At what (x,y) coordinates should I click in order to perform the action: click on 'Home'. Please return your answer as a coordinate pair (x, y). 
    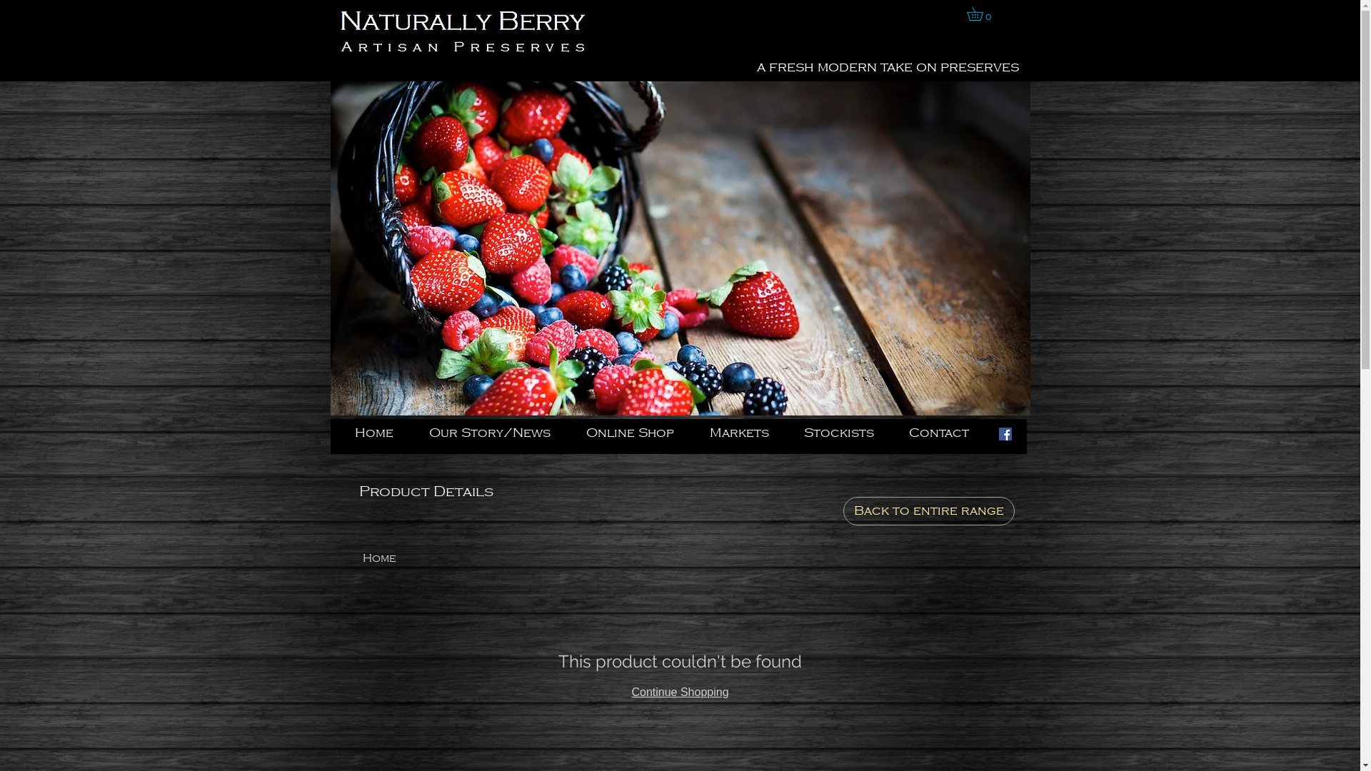
    Looking at the image, I should click on (363, 558).